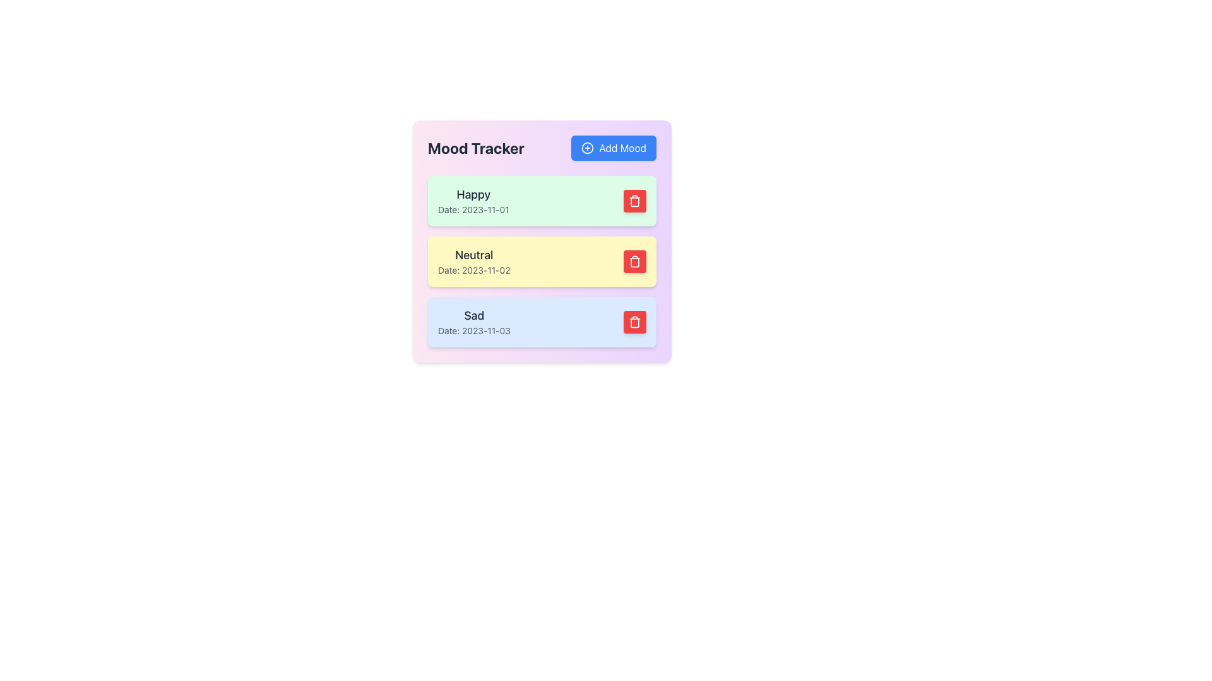 The width and height of the screenshot is (1212, 681). I want to click on the red delete button with a white trash can icon located at the bottom-right of the 'Sad' mood entry in the mood tracker list, so click(635, 321).